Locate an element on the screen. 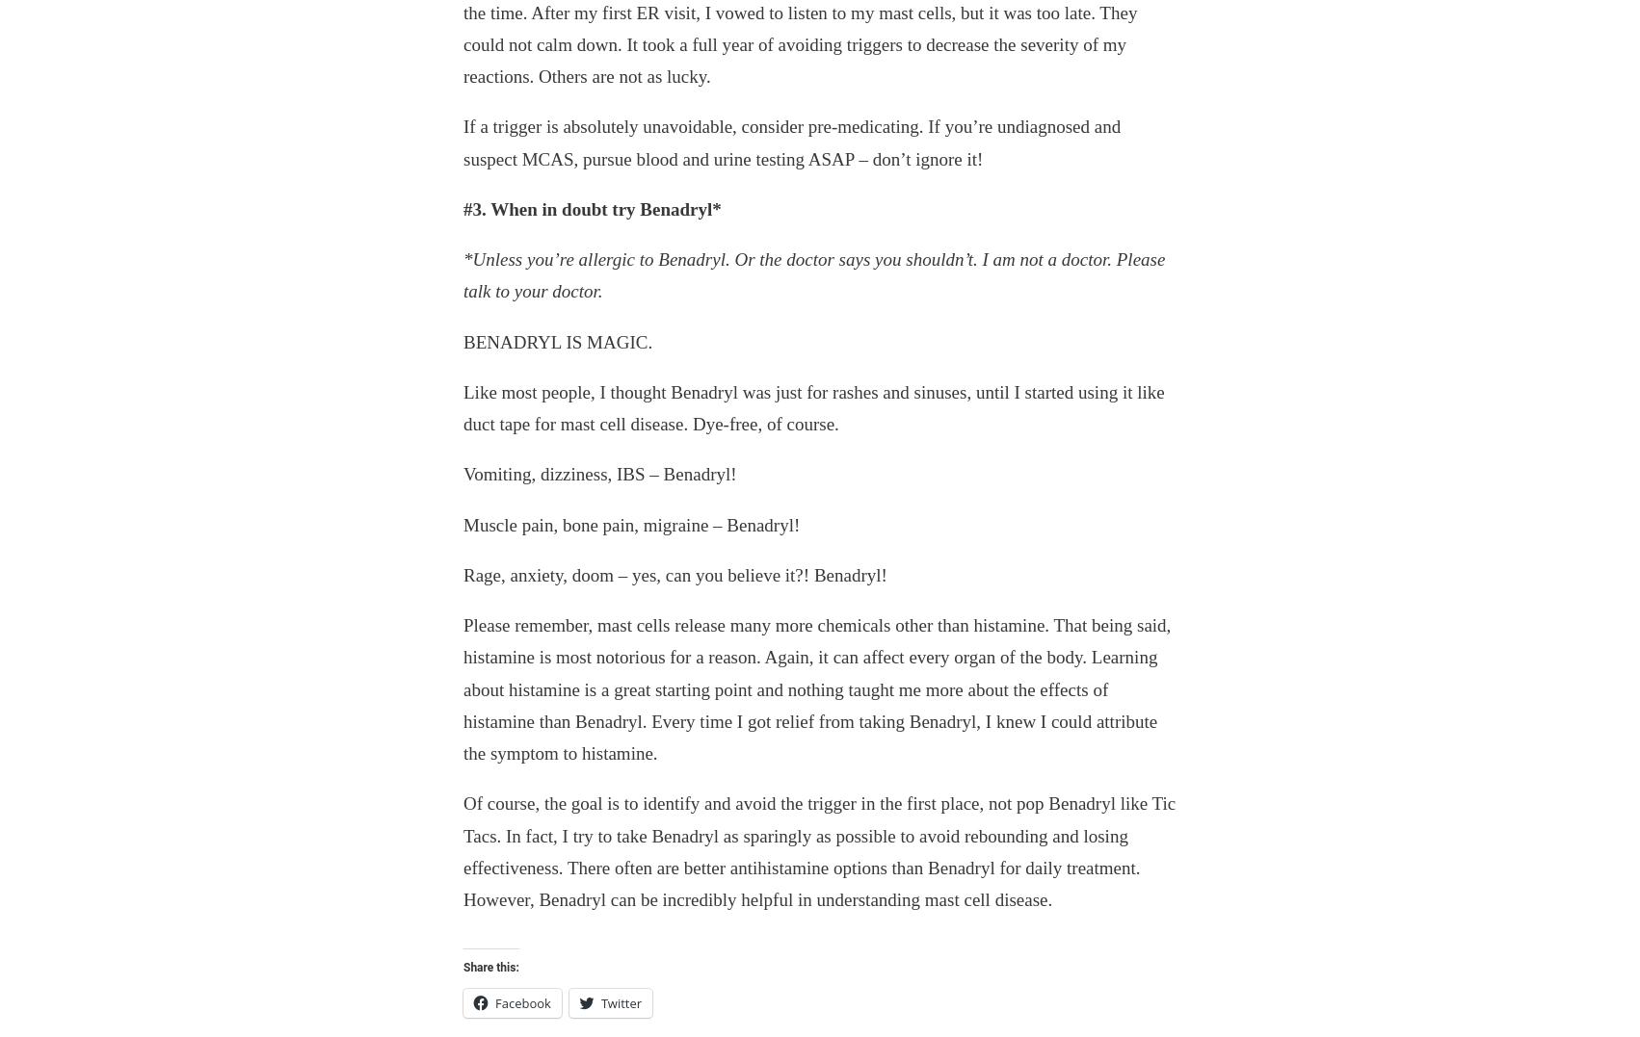  'Like most people, I thought Benadryl was just for rashes and sinuses, until I started using it like duct tape for mast cell disease. Dye-free, of course.' is located at coordinates (812, 406).